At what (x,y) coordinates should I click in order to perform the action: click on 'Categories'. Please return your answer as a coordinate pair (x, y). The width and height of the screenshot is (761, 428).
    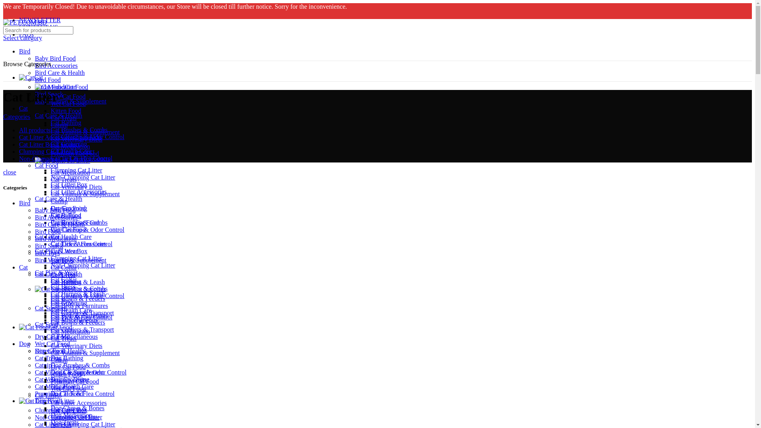
    Looking at the image, I should click on (3, 117).